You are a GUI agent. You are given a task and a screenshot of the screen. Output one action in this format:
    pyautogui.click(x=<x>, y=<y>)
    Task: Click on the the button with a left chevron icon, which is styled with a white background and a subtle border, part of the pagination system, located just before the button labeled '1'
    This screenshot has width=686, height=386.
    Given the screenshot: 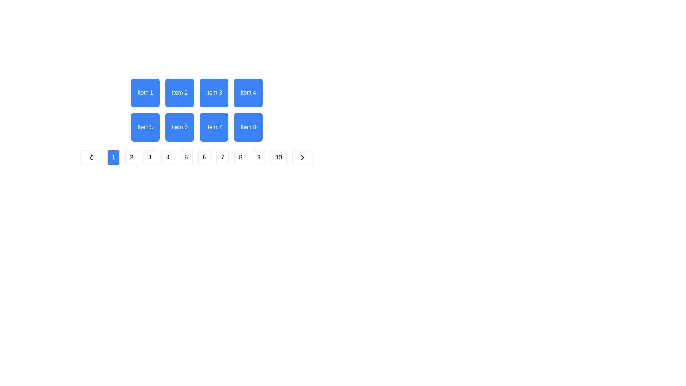 What is the action you would take?
    pyautogui.click(x=90, y=157)
    